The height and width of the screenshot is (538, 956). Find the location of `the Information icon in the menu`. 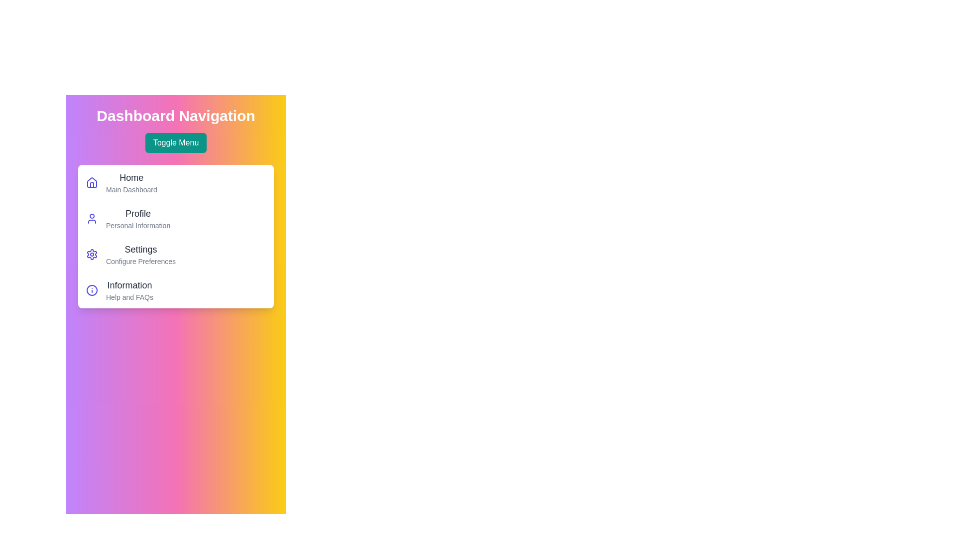

the Information icon in the menu is located at coordinates (92, 290).